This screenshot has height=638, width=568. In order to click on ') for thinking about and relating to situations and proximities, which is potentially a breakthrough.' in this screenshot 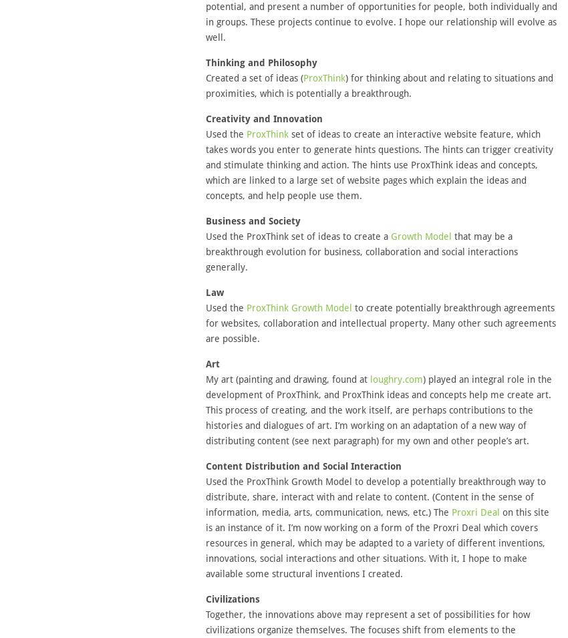, I will do `click(379, 85)`.